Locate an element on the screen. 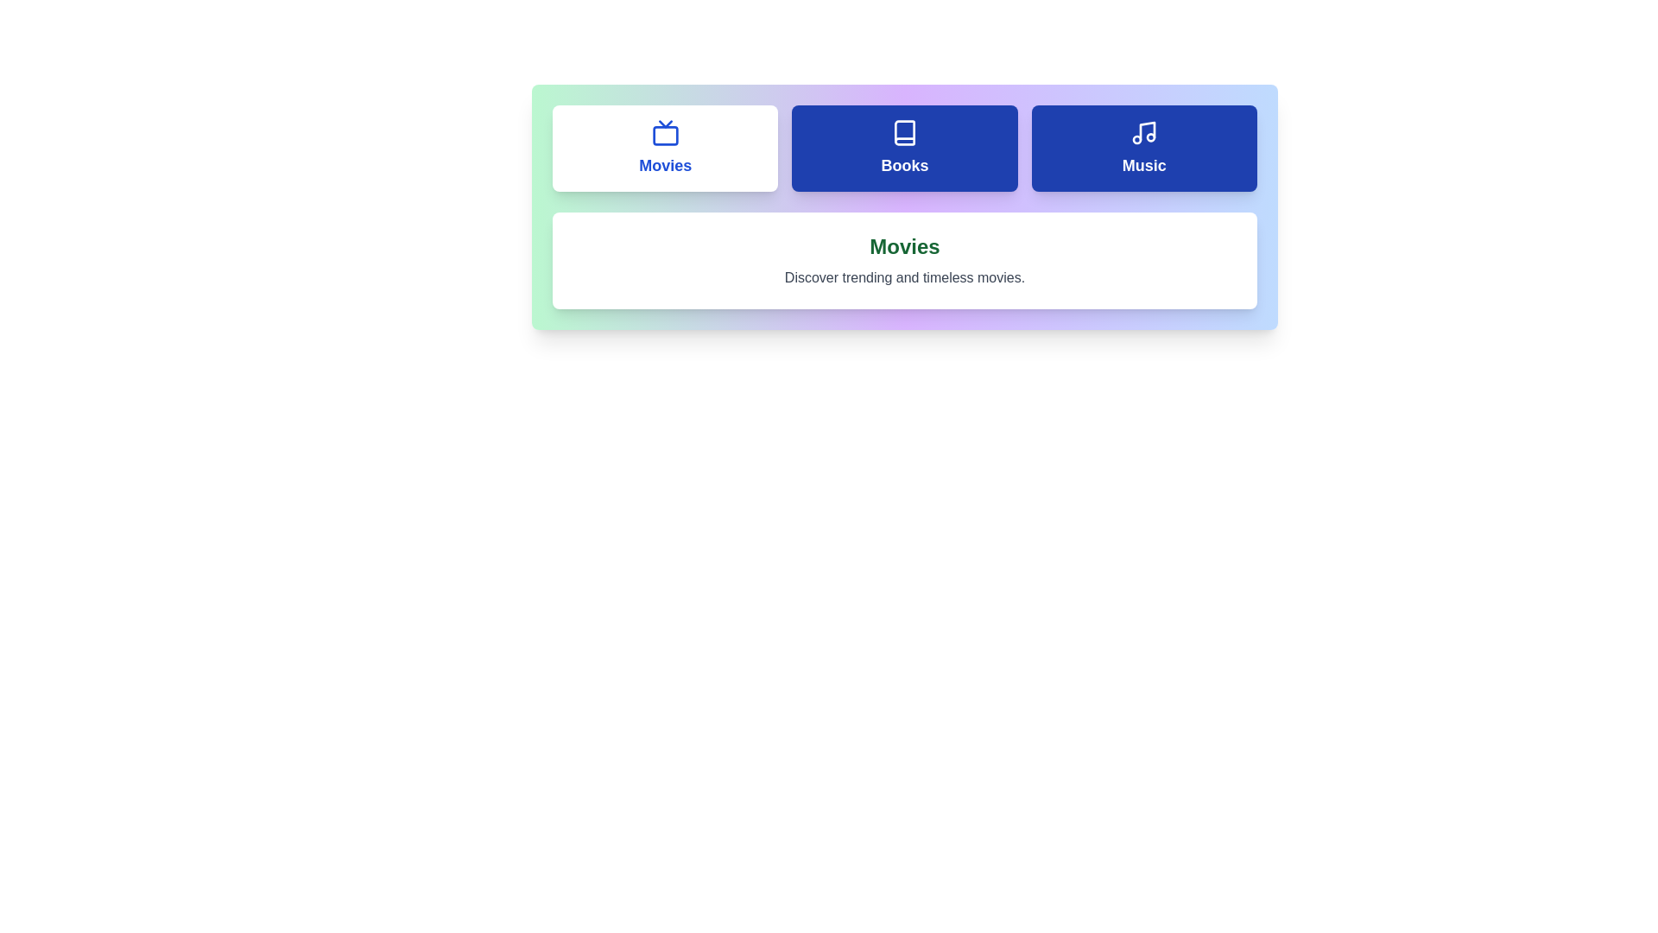  the 'Books' button, which is the second item in a grid layout of 'Movies', 'Books', and 'Music', to activate its hover effects is located at coordinates (903, 148).